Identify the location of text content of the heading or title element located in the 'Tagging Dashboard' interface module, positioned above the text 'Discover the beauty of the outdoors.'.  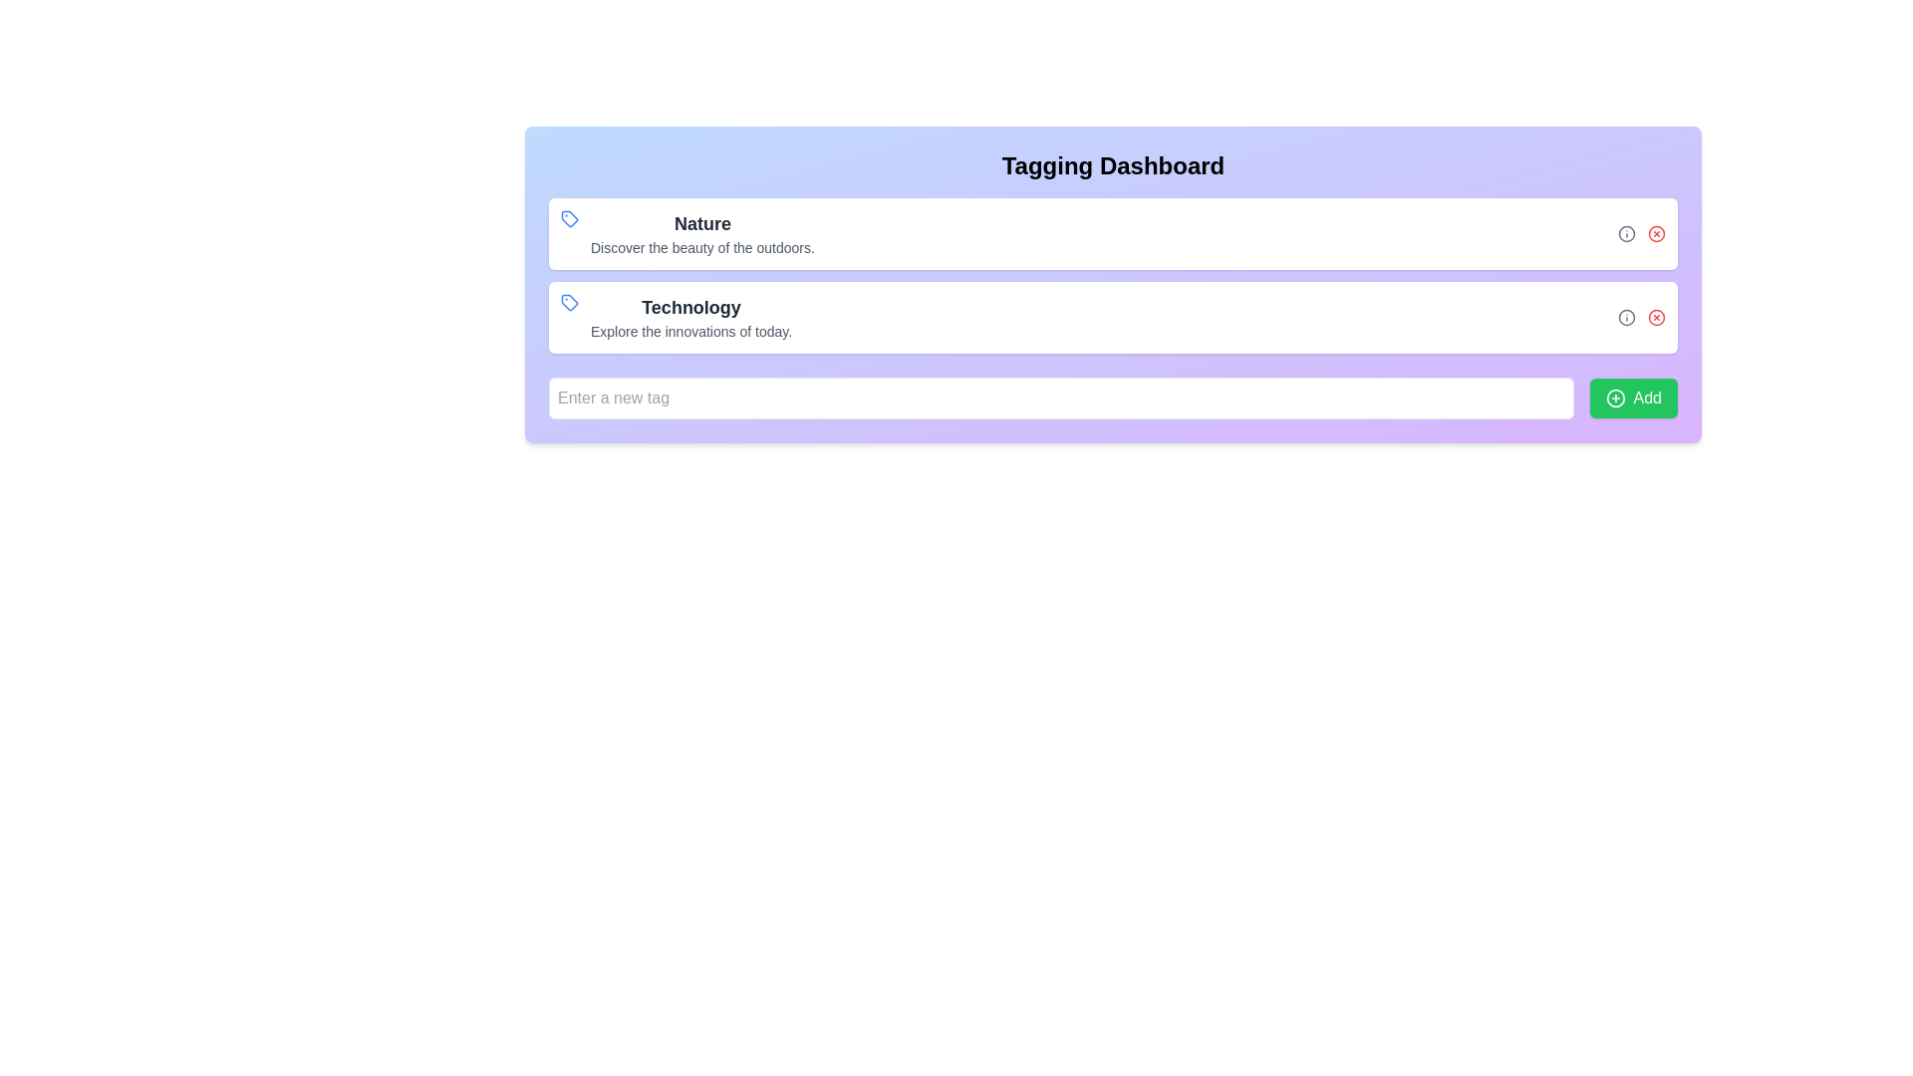
(702, 223).